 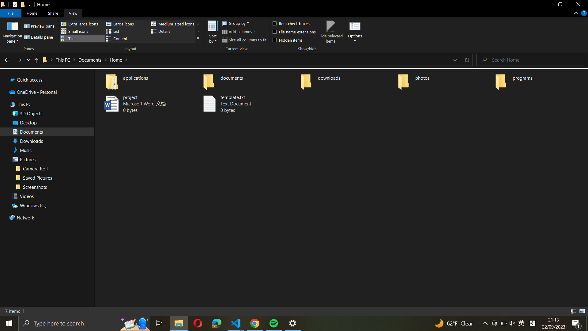 I want to click on the "photos" folder and select the first 5 photos, so click(x=444, y=80).